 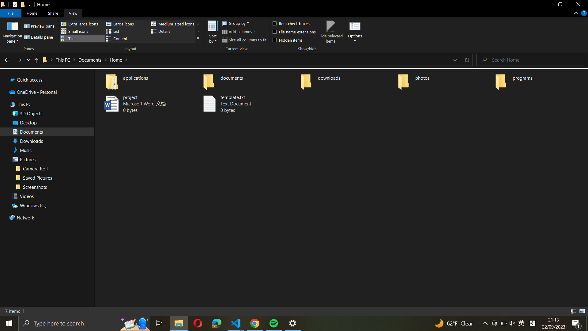 I want to click on the "photos" folder and select the first 5 photos, so click(x=444, y=80).